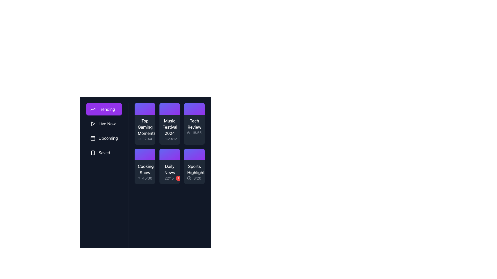  I want to click on the 'Trending' button located in the navigation panel, so click(104, 109).